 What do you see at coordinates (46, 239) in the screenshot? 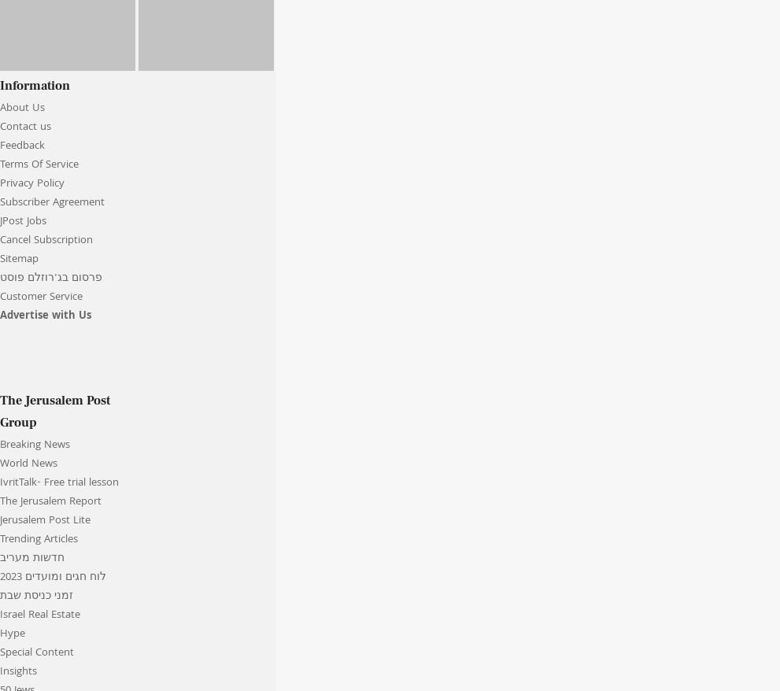
I see `'Cancel Subscription'` at bounding box center [46, 239].